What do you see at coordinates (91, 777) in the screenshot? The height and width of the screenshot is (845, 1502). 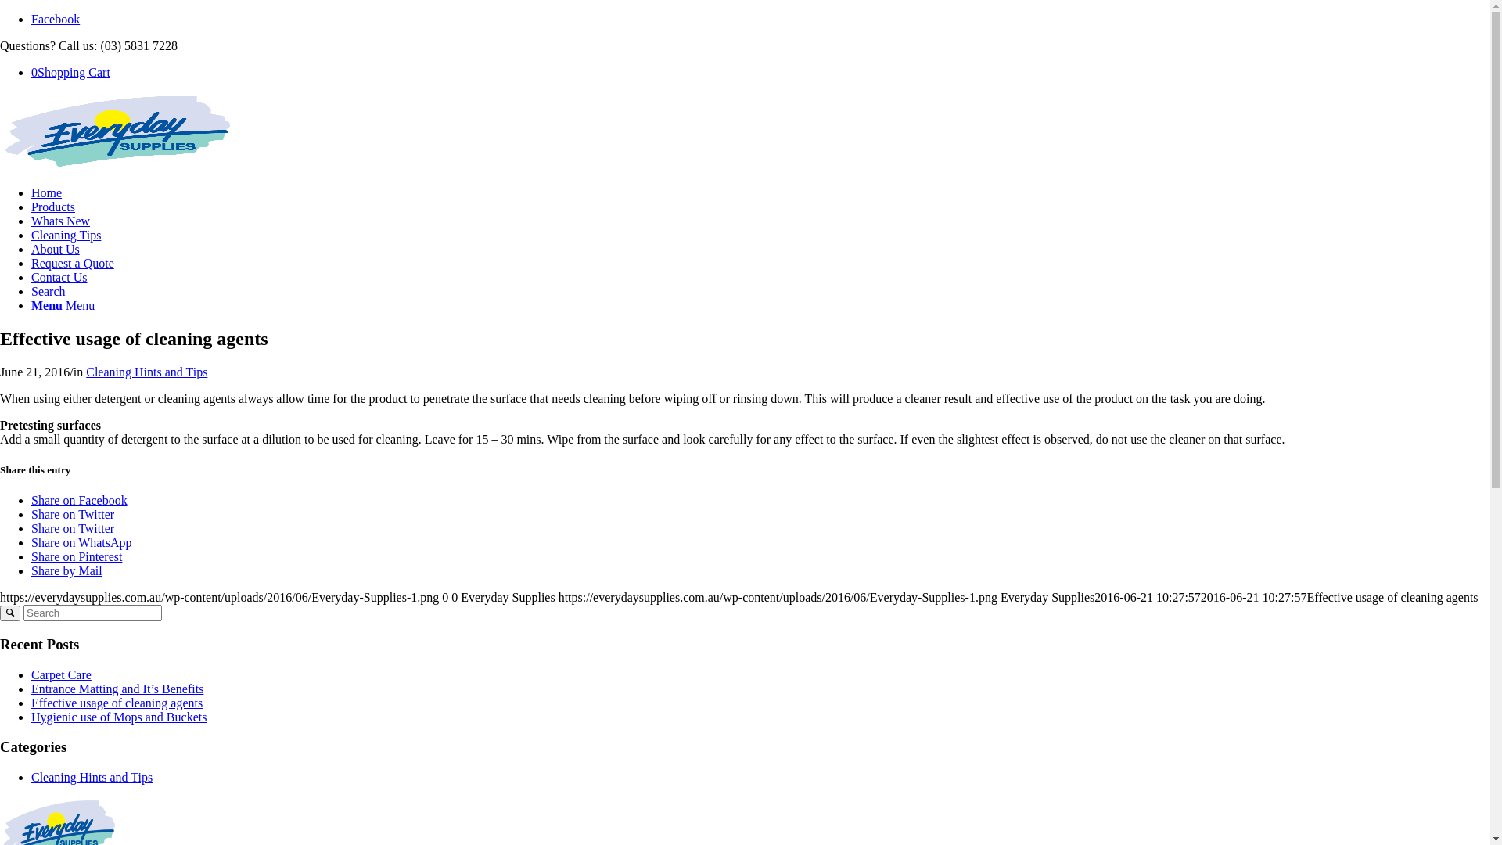 I see `'Cleaning Hints and Tips'` at bounding box center [91, 777].